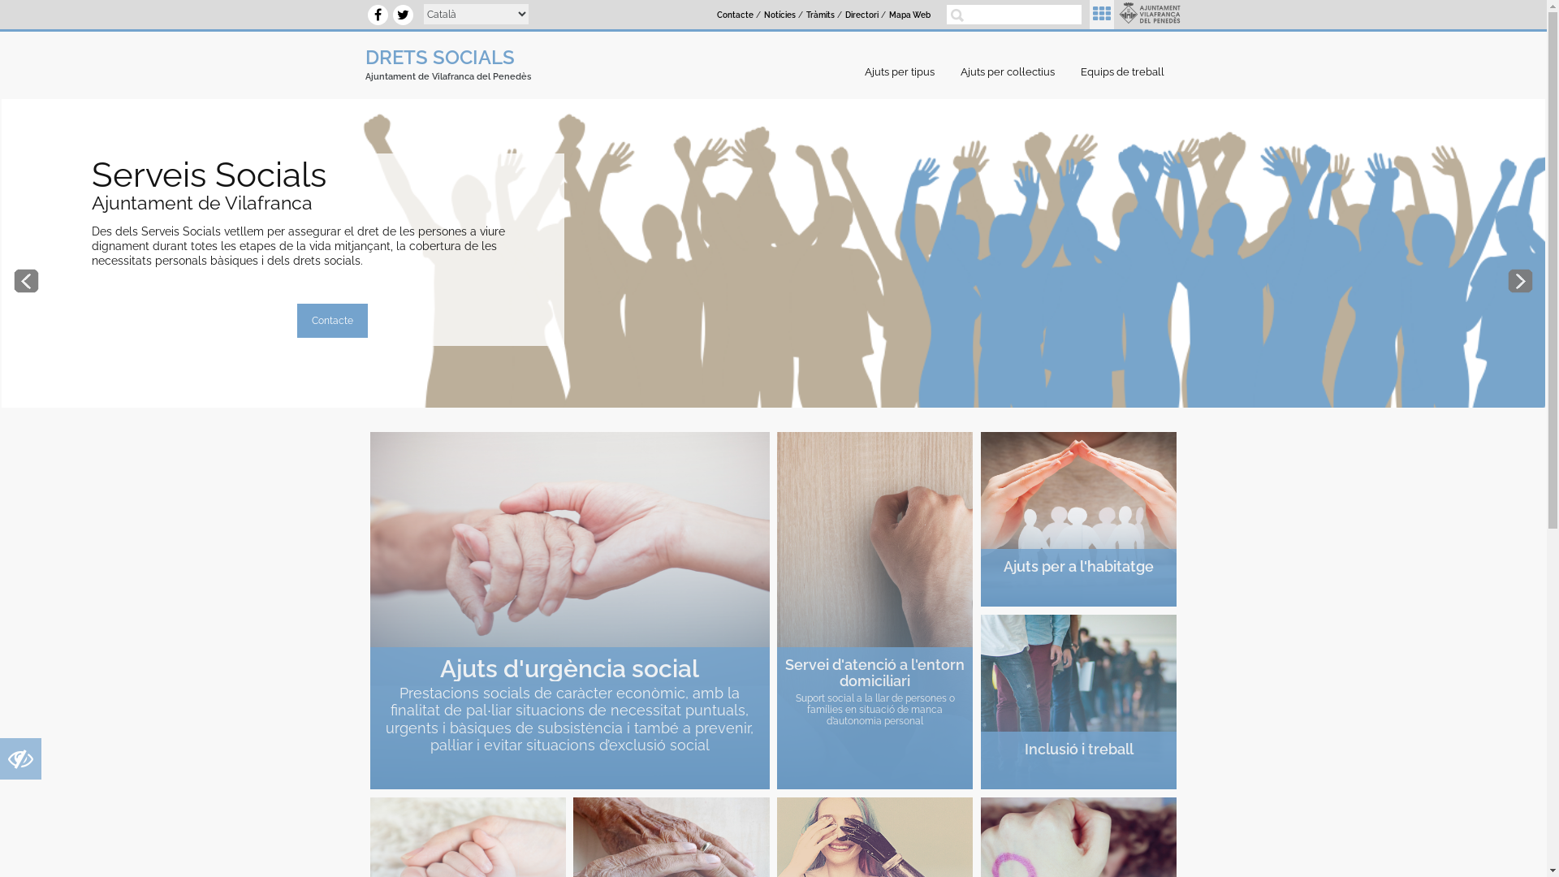 The height and width of the screenshot is (877, 1559). Describe the element at coordinates (20, 763) in the screenshot. I see `'Accessibilitat'` at that location.